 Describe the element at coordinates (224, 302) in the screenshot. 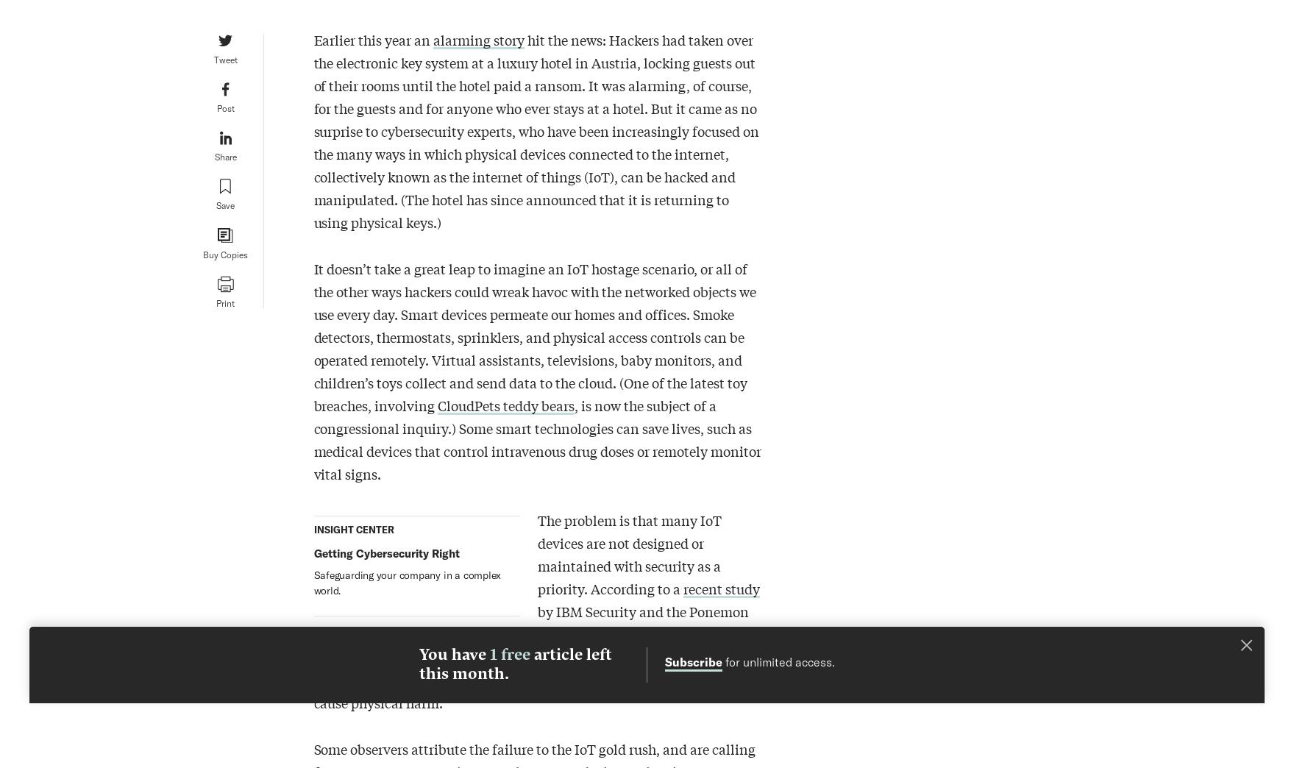

I see `'Print'` at that location.